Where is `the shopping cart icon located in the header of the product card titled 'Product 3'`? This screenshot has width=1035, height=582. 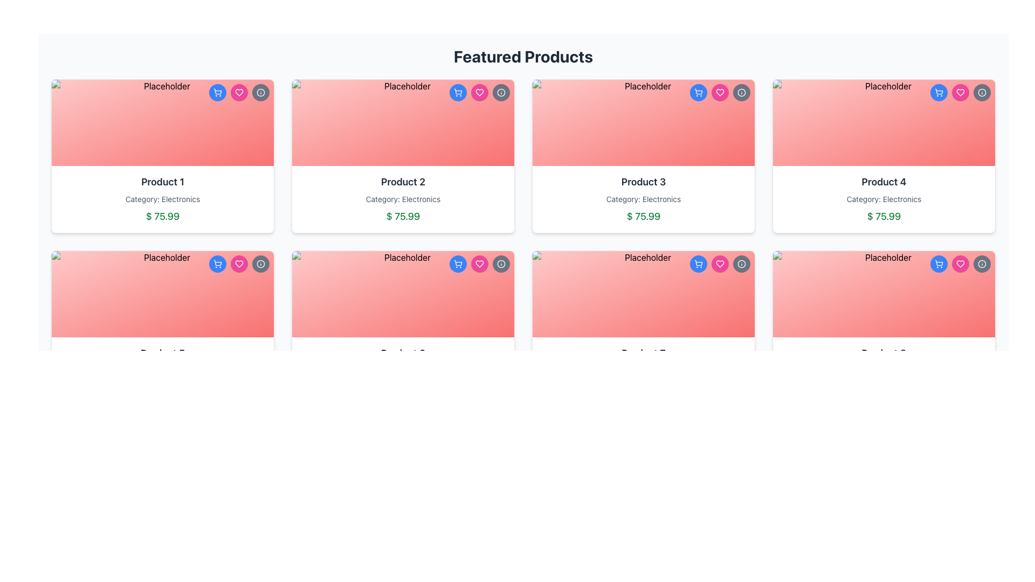 the shopping cart icon located in the header of the product card titled 'Product 3' is located at coordinates (699, 91).